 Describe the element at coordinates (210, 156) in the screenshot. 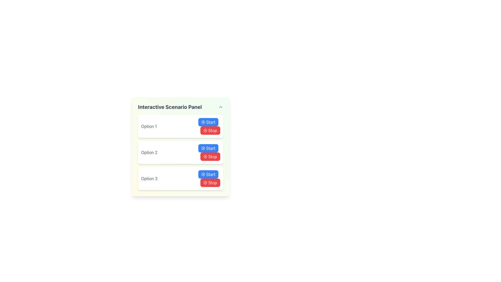

I see `the red 'Stop' button with white text and a circular icon with a white cross on the left` at that location.